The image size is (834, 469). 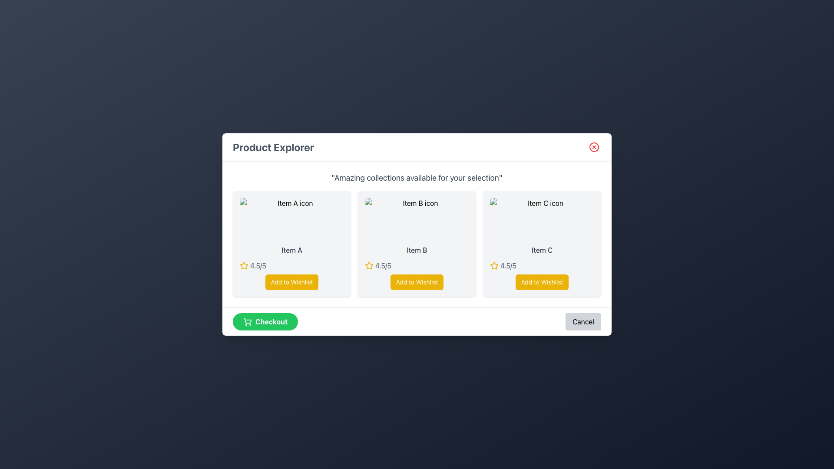 I want to click on the button, so click(x=292, y=282).